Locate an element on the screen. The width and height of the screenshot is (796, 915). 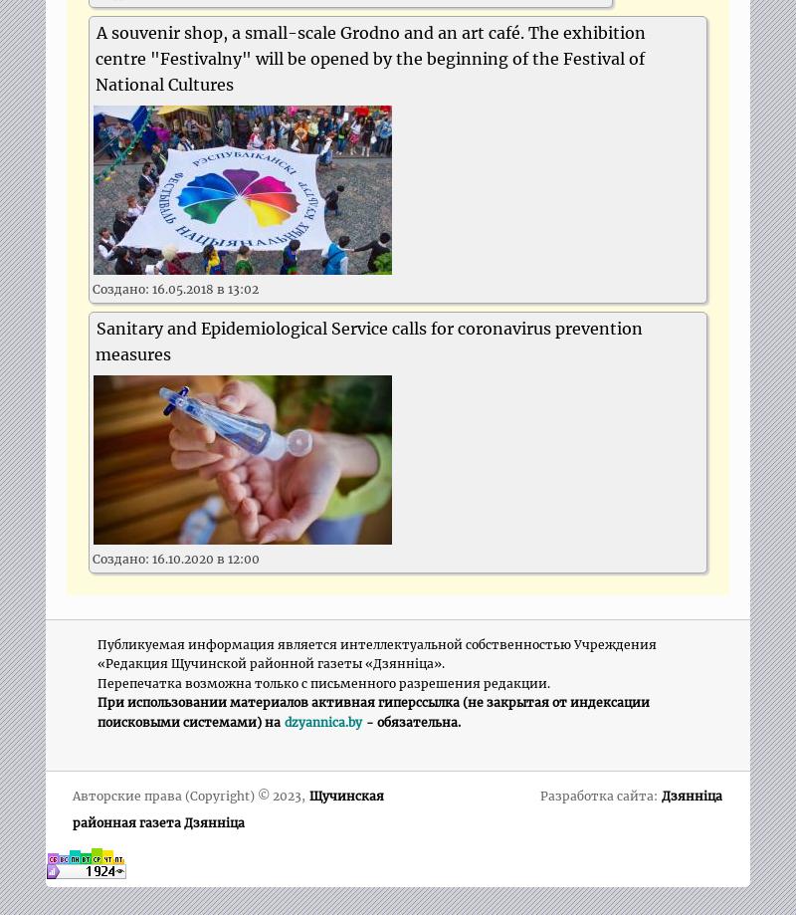
'Авторские права (Copyright) © 2023,' is located at coordinates (188, 796).